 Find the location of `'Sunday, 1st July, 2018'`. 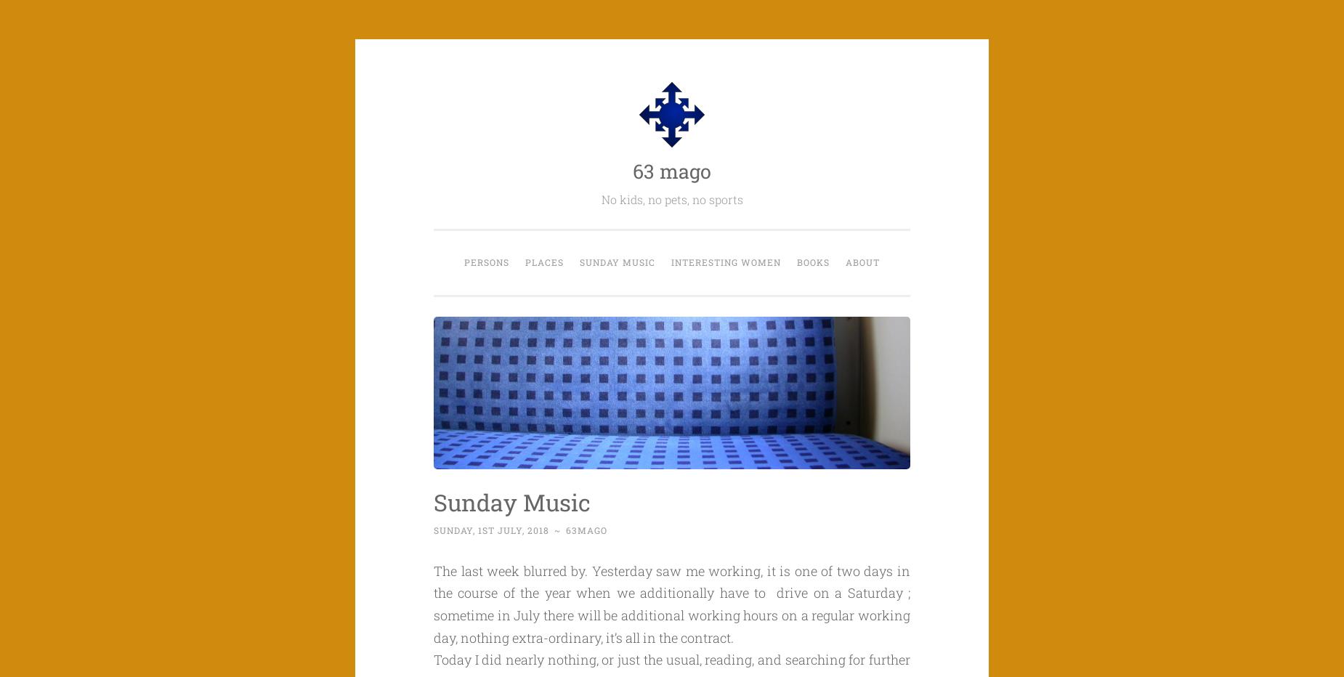

'Sunday, 1st July, 2018' is located at coordinates (491, 530).